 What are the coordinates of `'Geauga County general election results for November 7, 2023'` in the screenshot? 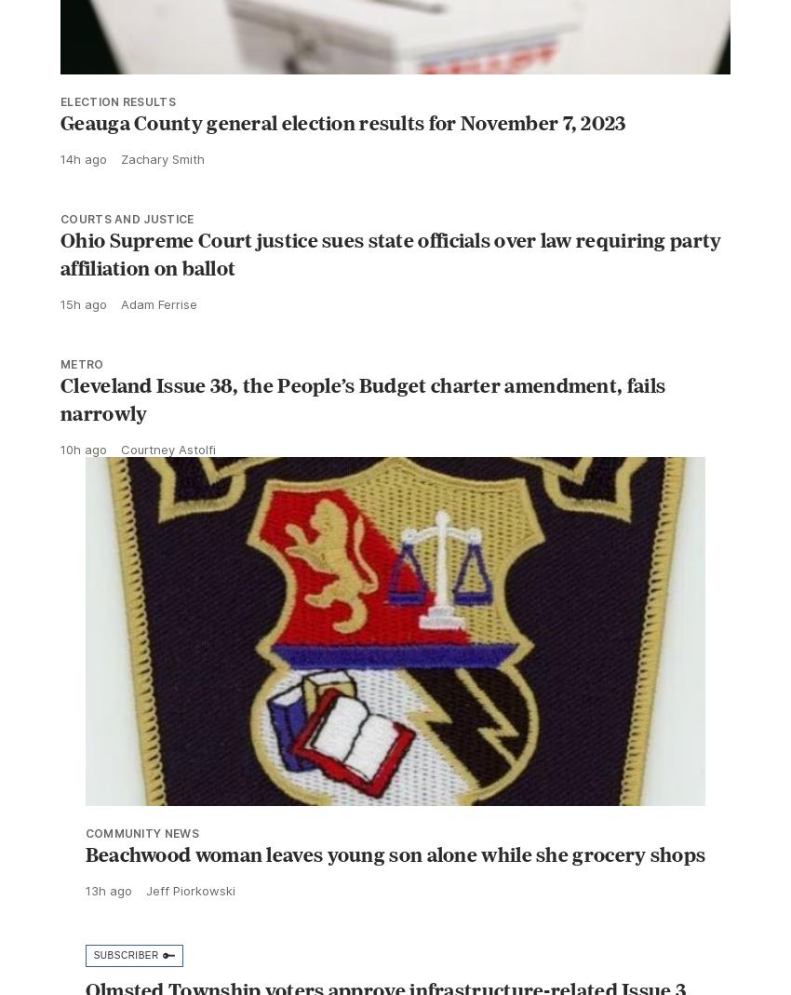 It's located at (342, 163).